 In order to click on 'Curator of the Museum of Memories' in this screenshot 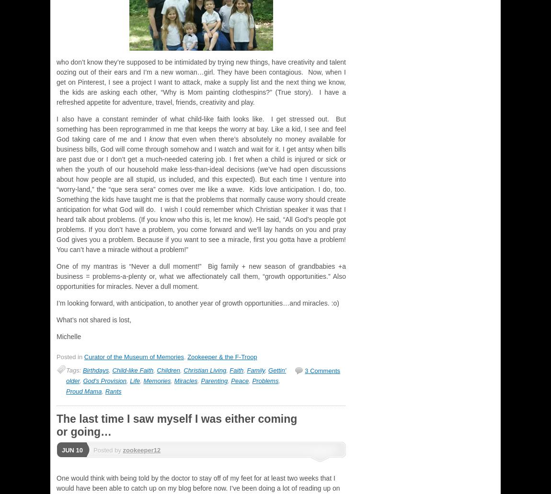, I will do `click(133, 356)`.